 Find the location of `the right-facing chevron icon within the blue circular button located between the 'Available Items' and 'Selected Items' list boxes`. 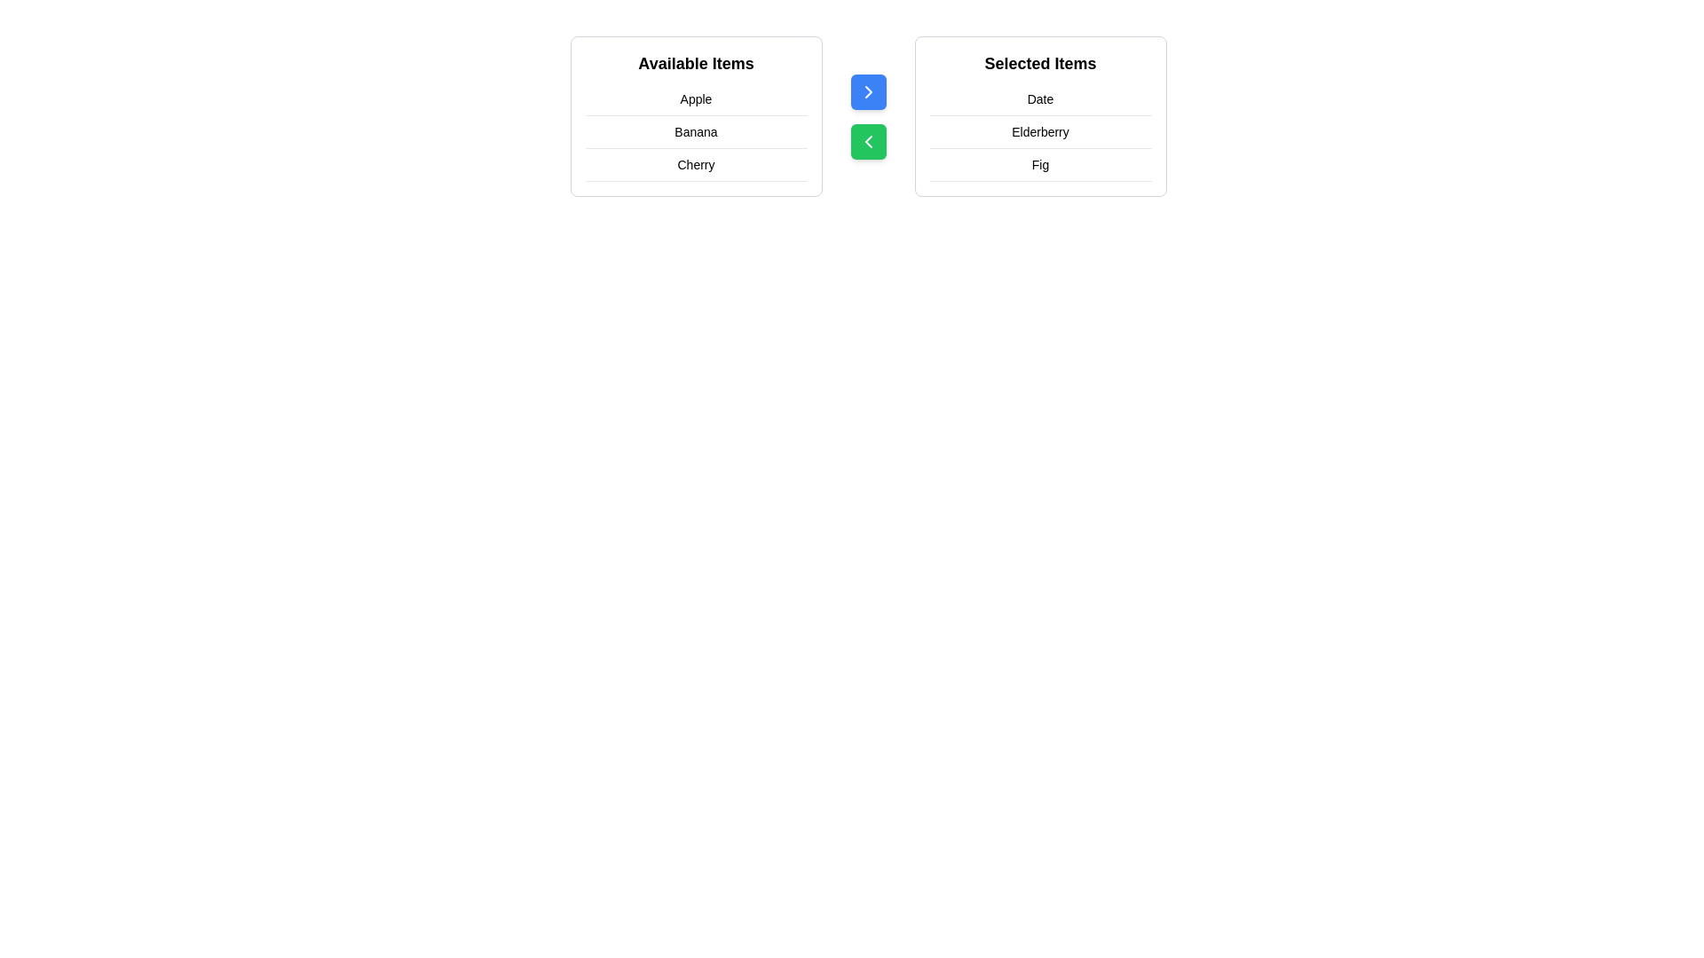

the right-facing chevron icon within the blue circular button located between the 'Available Items' and 'Selected Items' list boxes is located at coordinates (868, 91).